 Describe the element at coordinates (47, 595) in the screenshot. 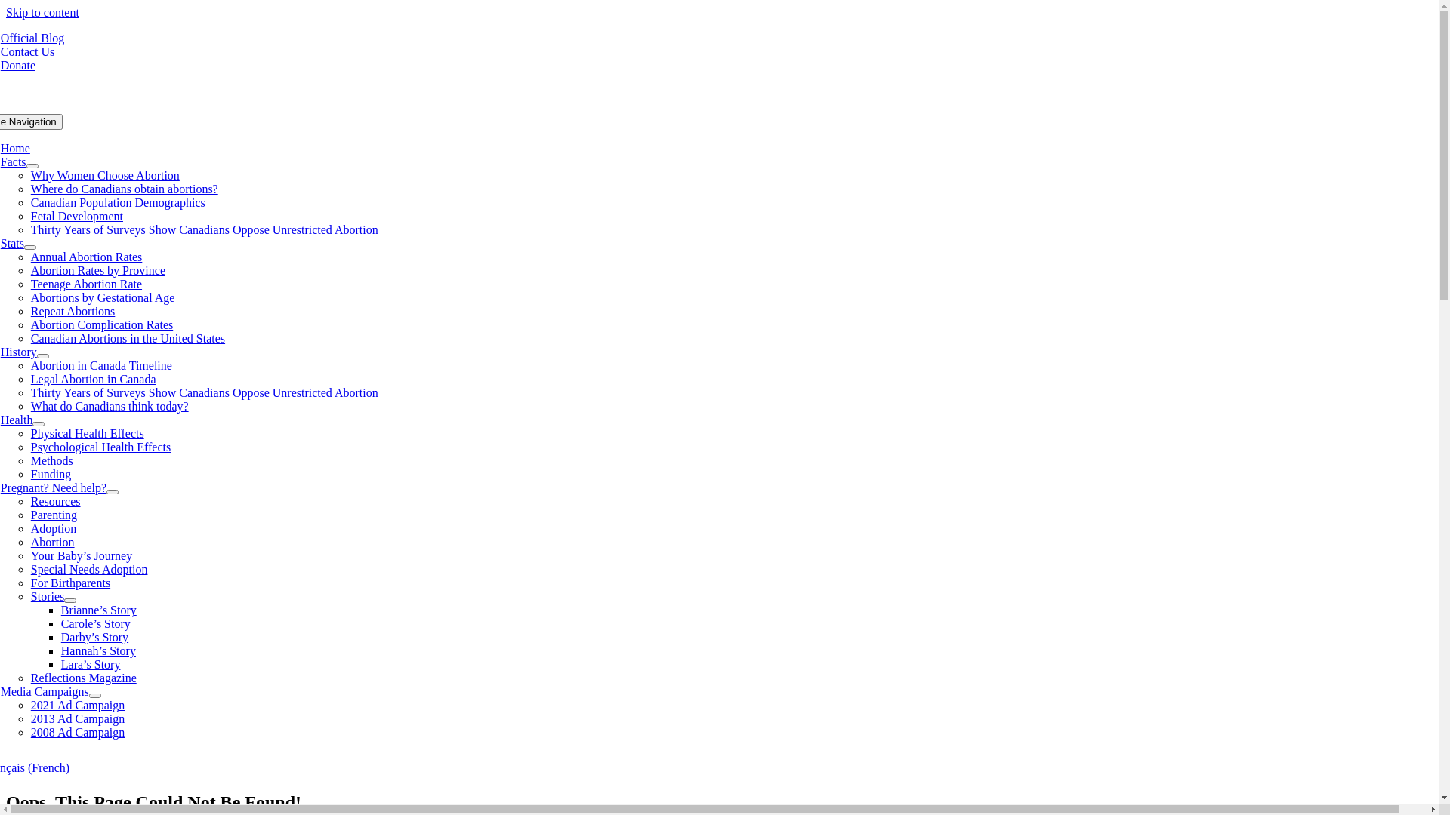

I see `'Stories'` at that location.